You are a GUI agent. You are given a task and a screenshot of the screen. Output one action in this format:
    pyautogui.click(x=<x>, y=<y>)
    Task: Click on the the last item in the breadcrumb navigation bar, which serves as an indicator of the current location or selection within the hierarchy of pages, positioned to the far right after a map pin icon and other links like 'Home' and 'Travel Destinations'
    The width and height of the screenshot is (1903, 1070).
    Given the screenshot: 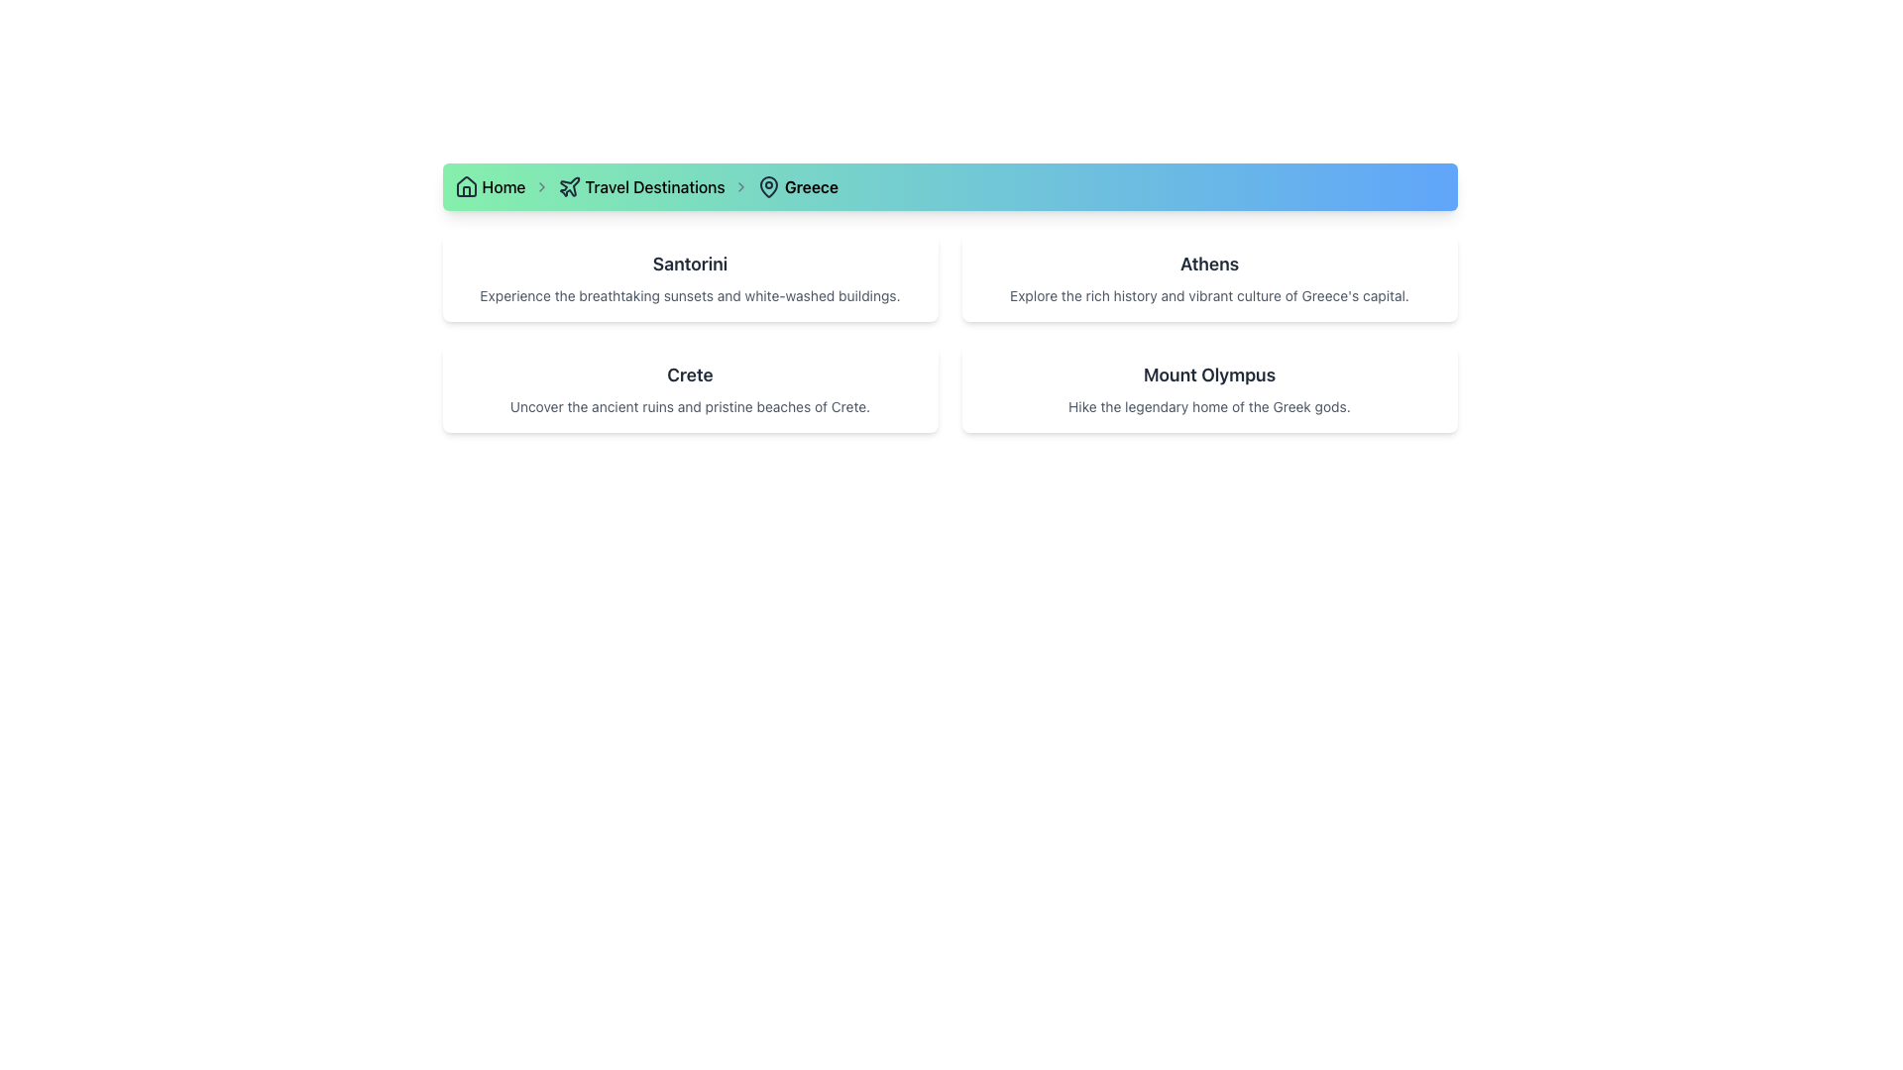 What is the action you would take?
    pyautogui.click(x=811, y=187)
    